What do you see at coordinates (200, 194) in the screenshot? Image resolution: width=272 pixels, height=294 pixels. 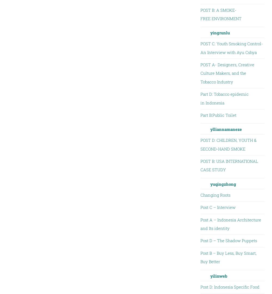 I see `'Changing Roots'` at bounding box center [200, 194].